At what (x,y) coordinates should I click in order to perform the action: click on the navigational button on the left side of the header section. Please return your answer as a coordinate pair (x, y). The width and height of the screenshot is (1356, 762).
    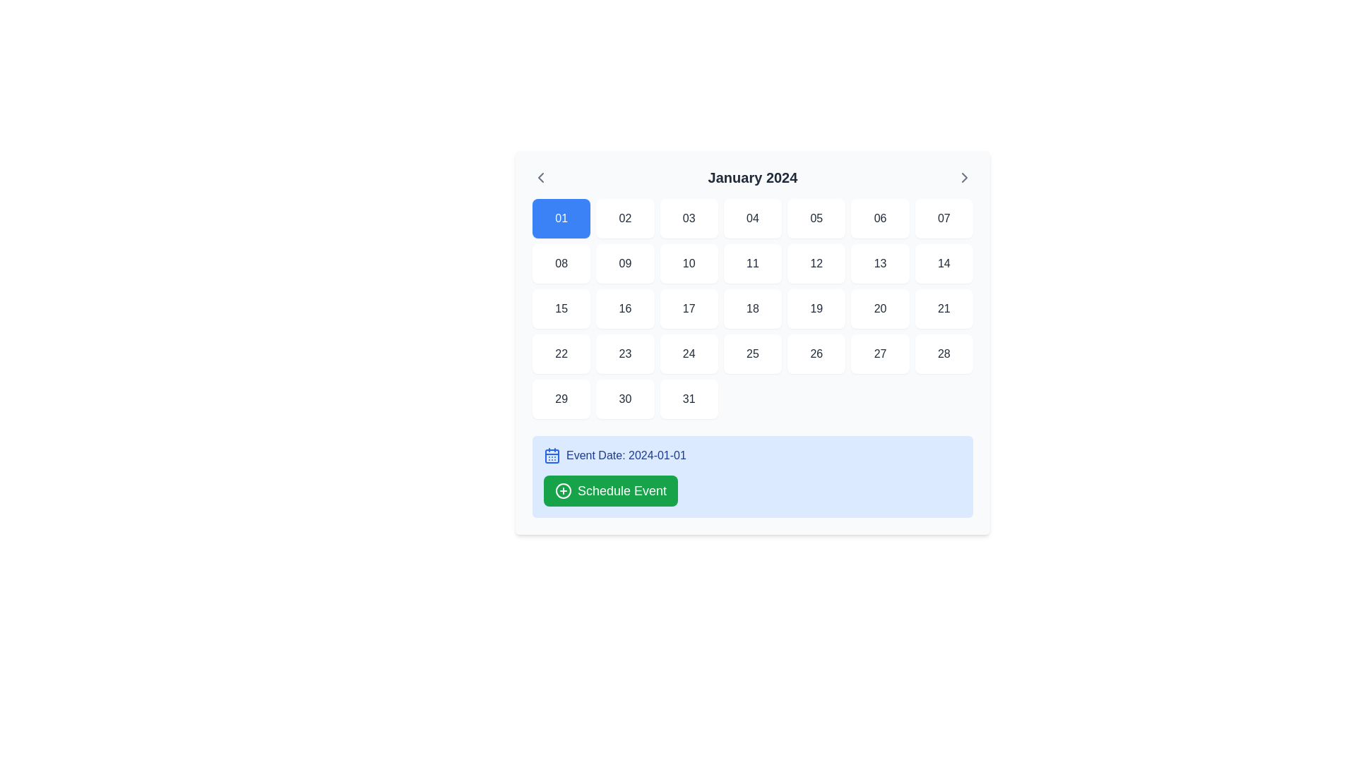
    Looking at the image, I should click on (540, 176).